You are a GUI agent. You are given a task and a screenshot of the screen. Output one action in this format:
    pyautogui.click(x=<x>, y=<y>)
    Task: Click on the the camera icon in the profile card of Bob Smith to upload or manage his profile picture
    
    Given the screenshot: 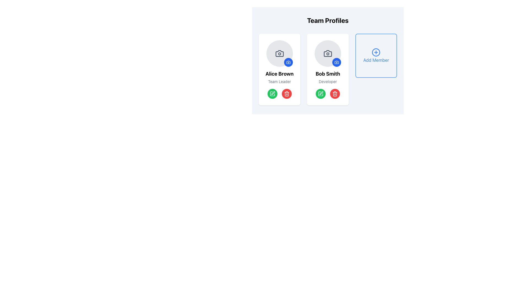 What is the action you would take?
    pyautogui.click(x=336, y=62)
    